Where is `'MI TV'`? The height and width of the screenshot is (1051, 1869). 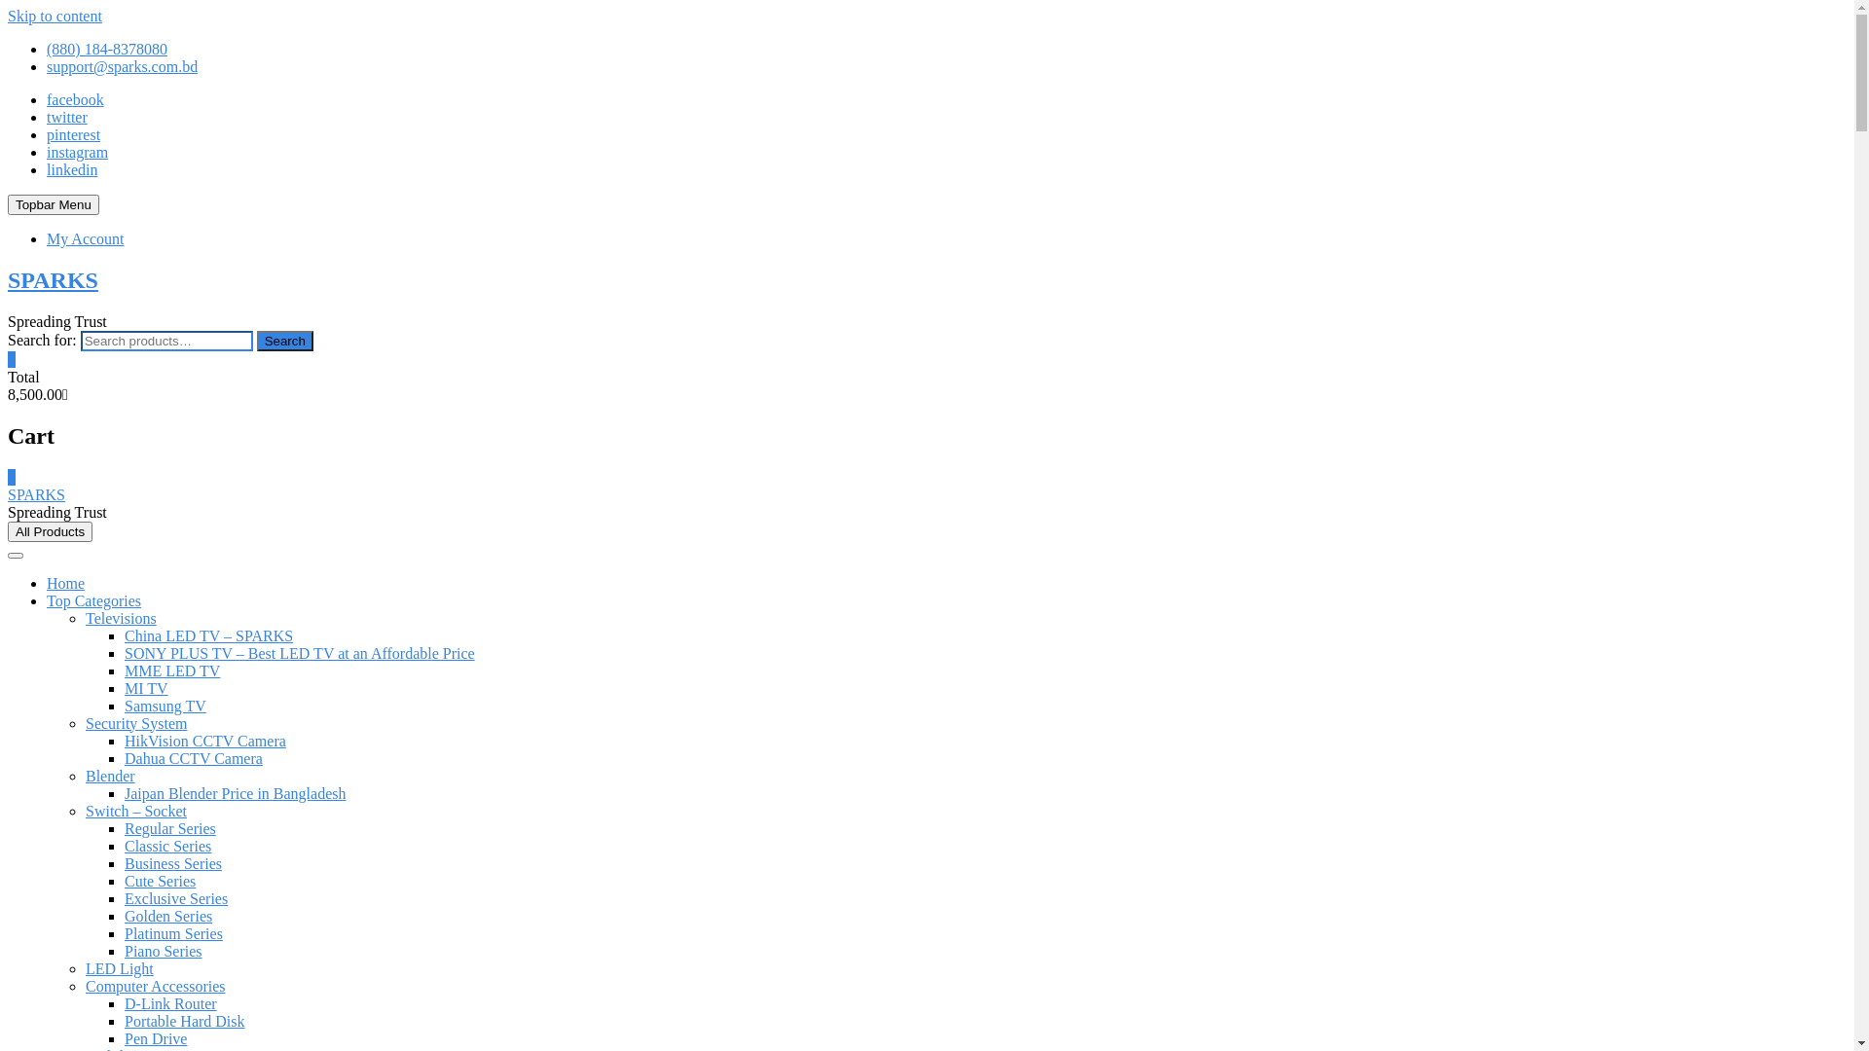
'MI TV' is located at coordinates (145, 687).